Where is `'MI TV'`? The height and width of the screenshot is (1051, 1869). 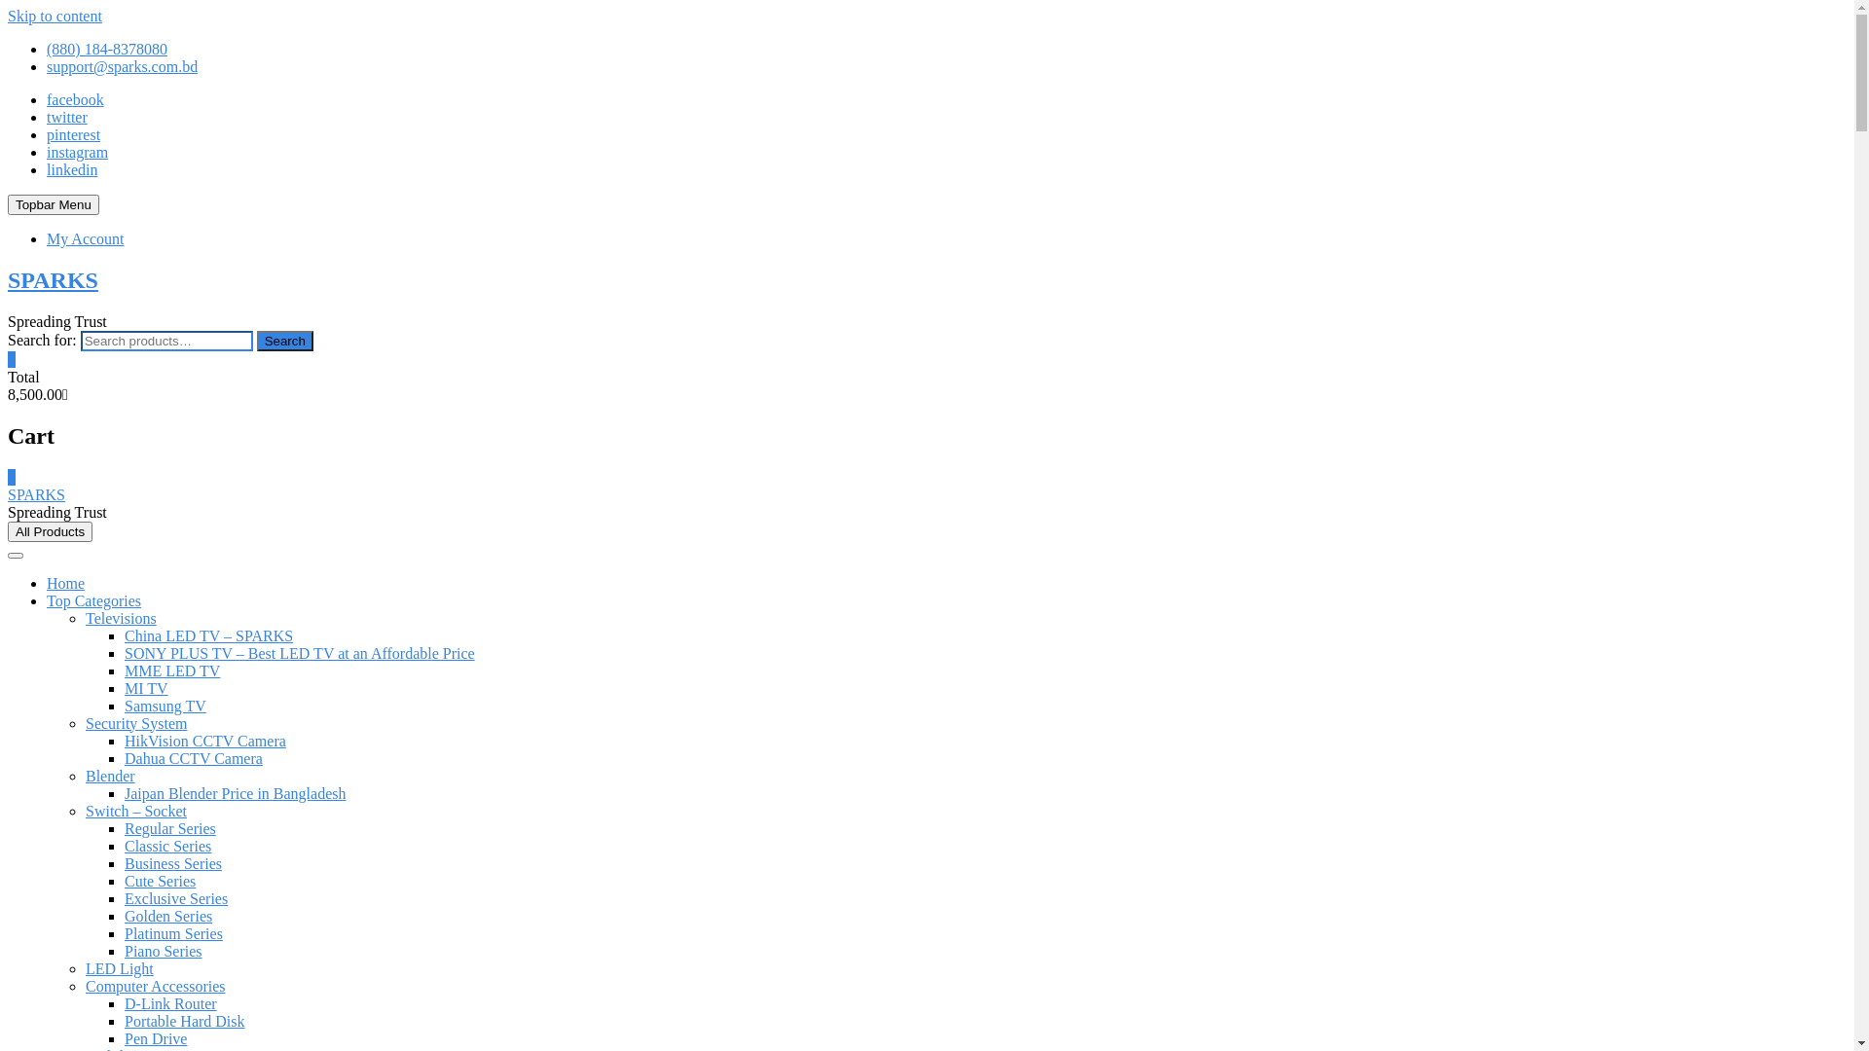
'MI TV' is located at coordinates (145, 687).